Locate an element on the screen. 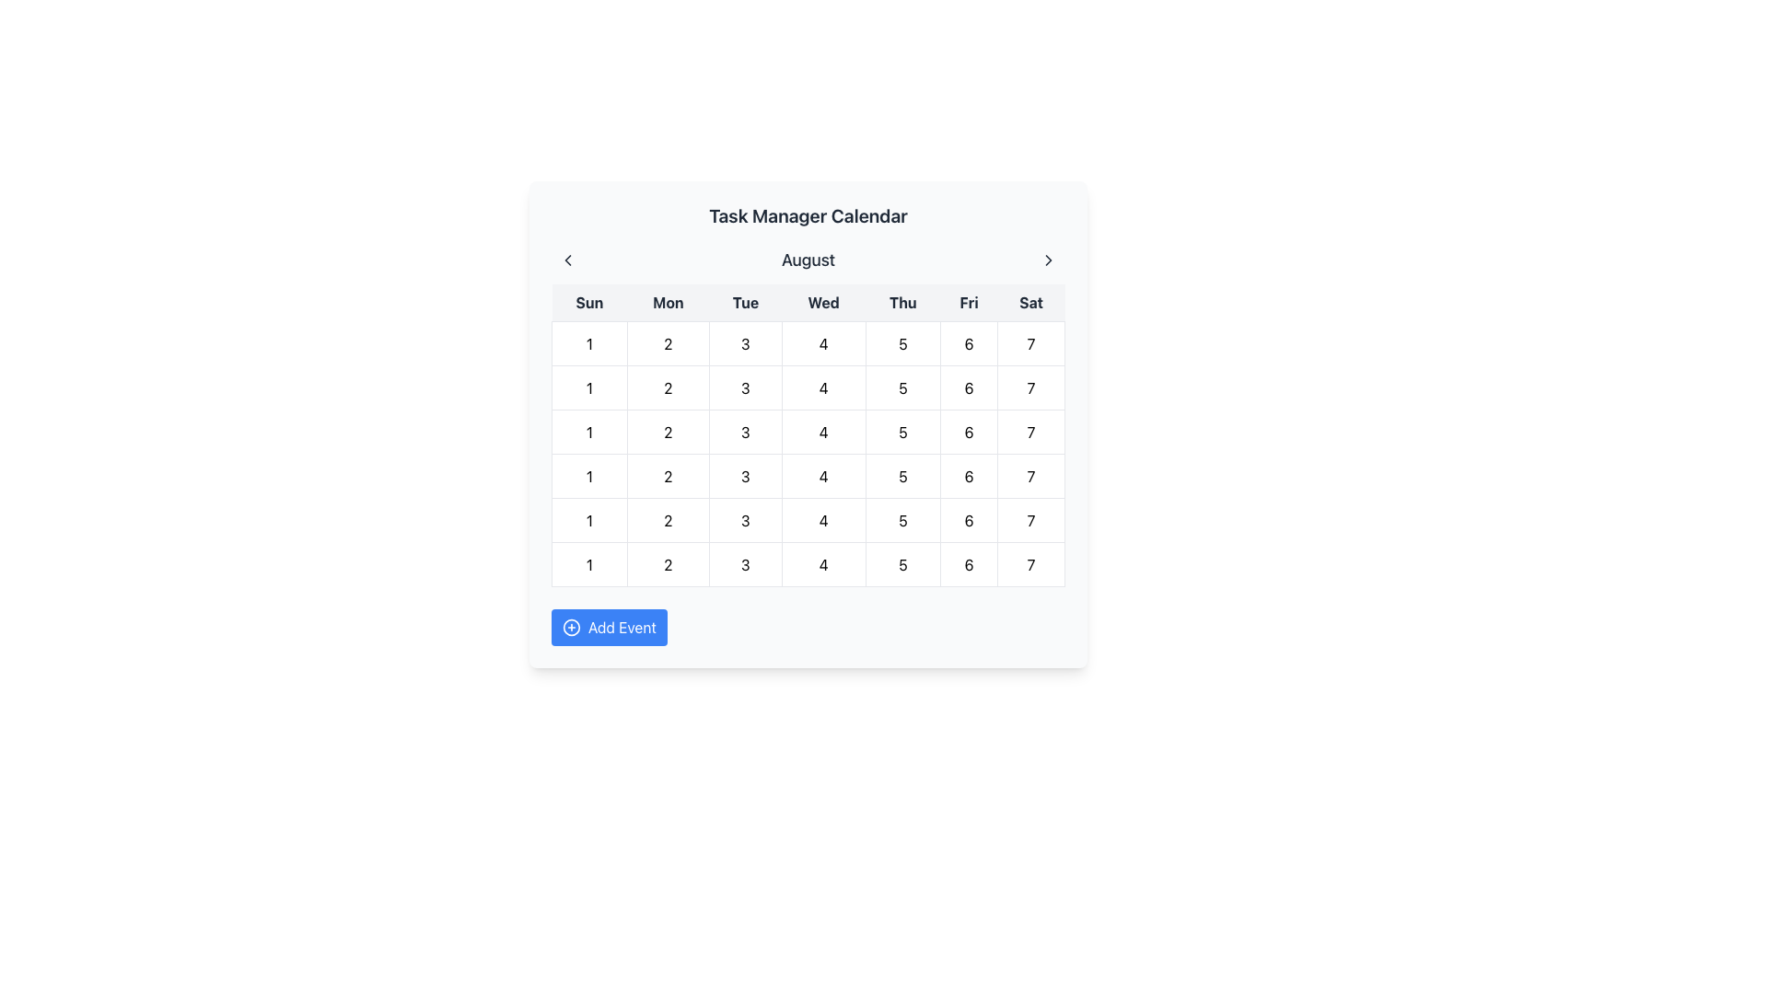 The width and height of the screenshot is (1768, 994). the Day cell in the calendar grid that is located in the fourth column under the 'Wed' header is located at coordinates (822, 432).